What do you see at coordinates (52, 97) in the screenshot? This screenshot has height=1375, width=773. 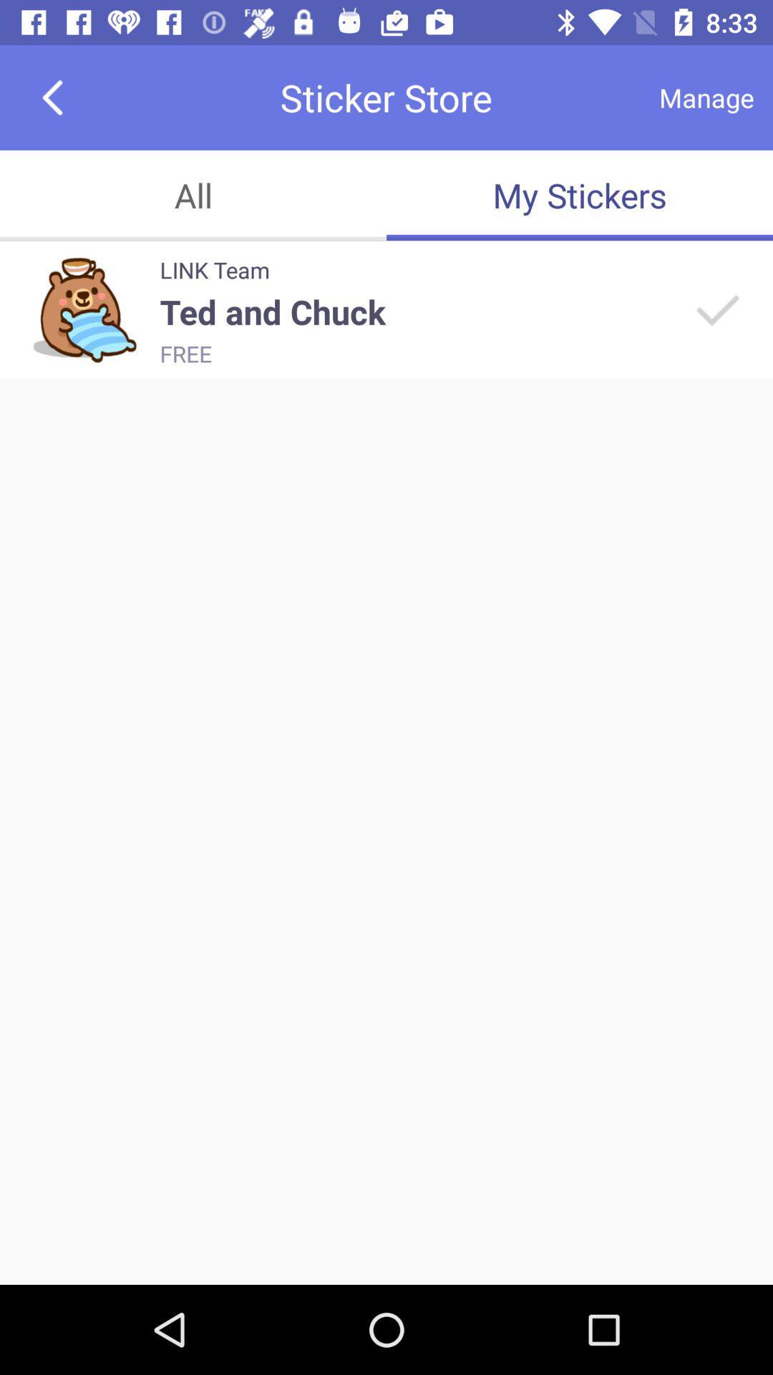 I see `the app next to sticker store` at bounding box center [52, 97].